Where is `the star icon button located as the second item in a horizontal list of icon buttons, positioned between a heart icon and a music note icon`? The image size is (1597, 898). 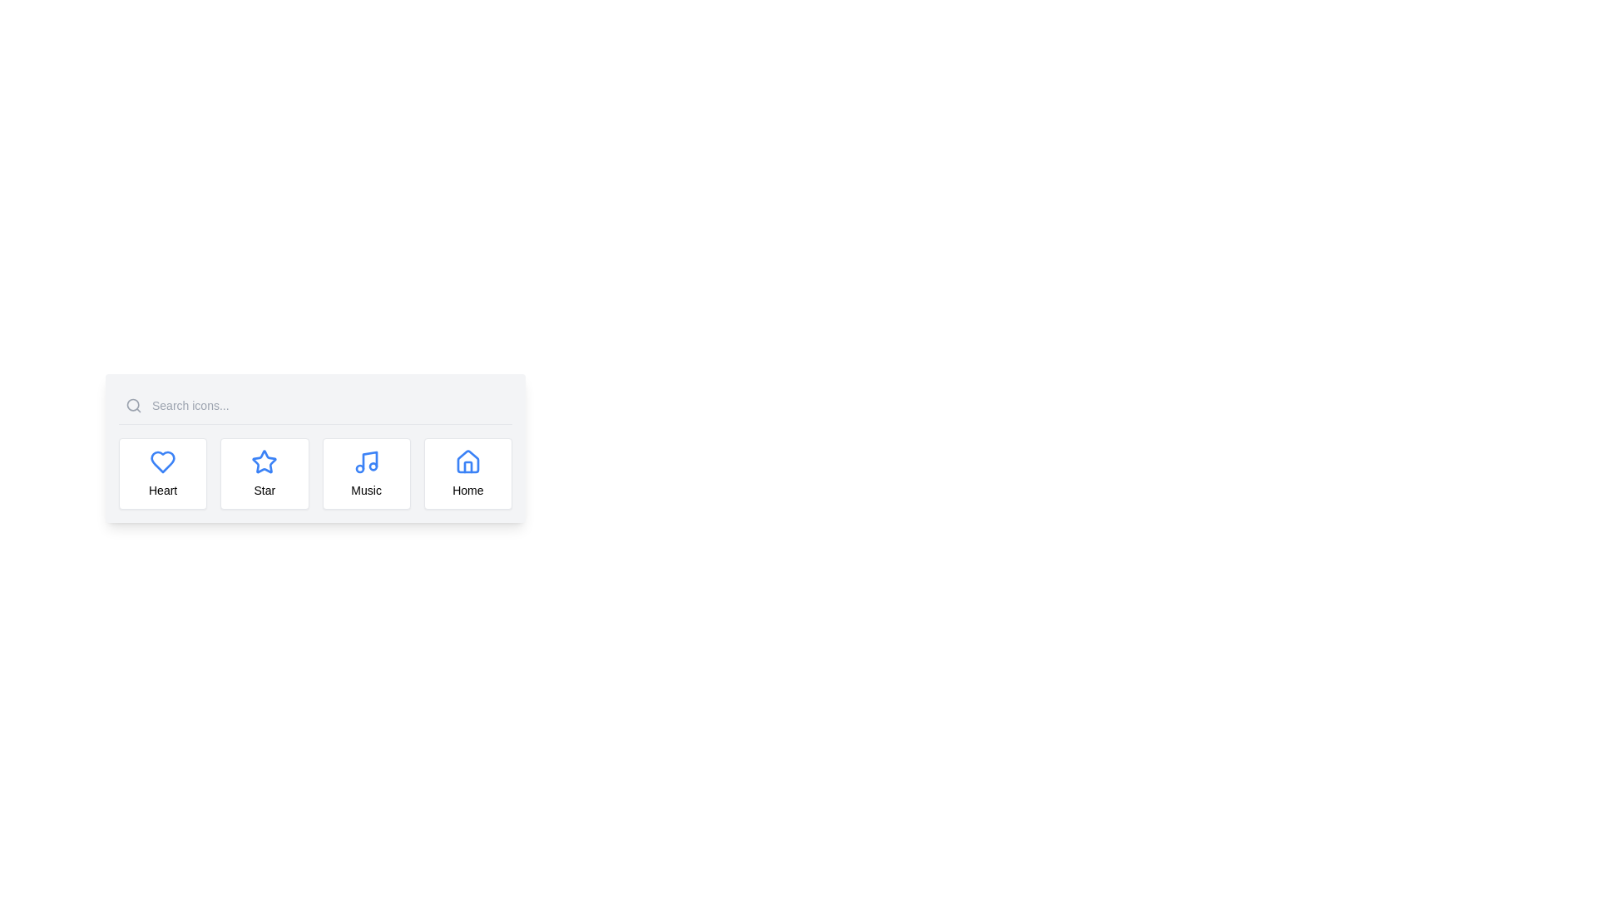 the star icon button located as the second item in a horizontal list of icon buttons, positioned between a heart icon and a music note icon is located at coordinates (264, 461).